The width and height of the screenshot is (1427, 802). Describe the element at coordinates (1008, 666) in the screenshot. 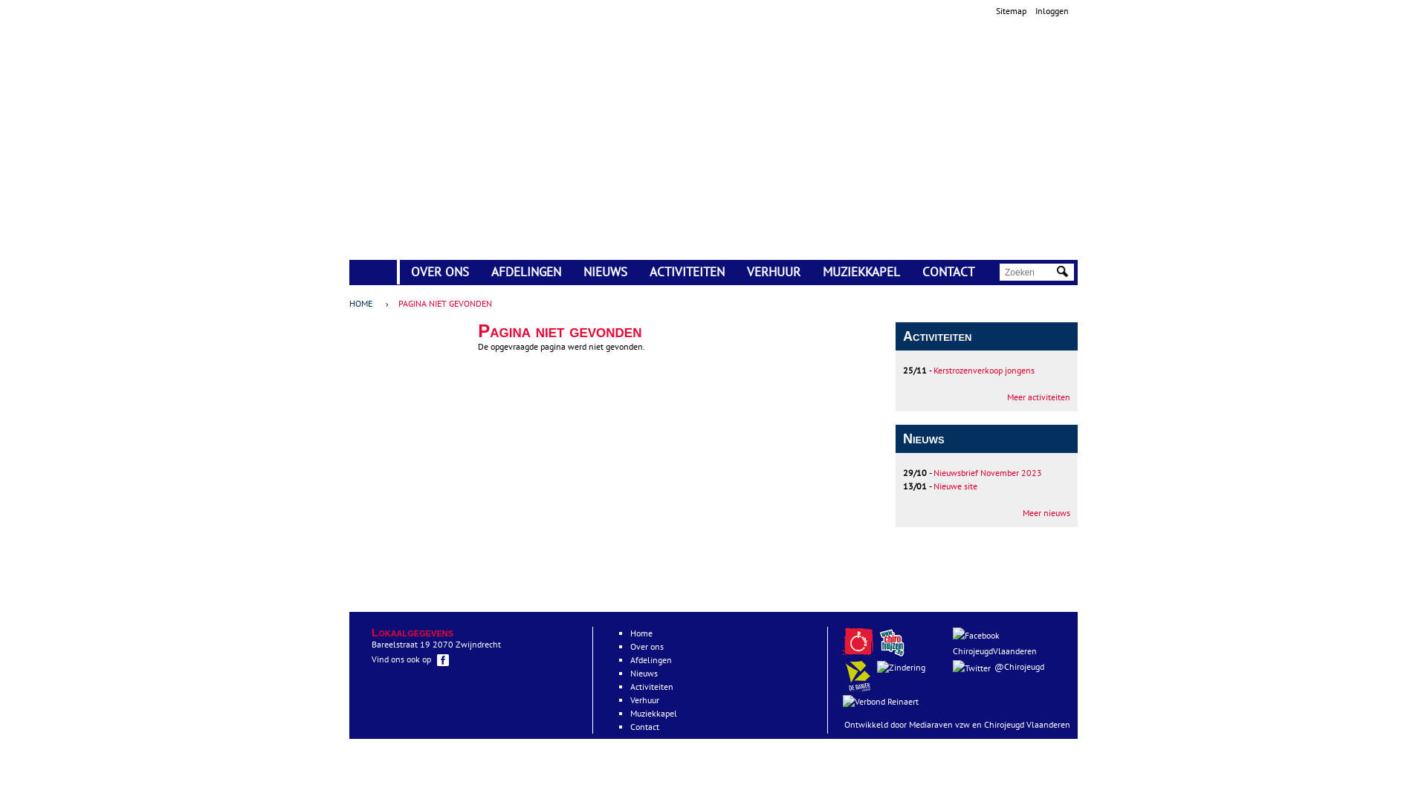

I see `'@Chirojeugd'` at that location.